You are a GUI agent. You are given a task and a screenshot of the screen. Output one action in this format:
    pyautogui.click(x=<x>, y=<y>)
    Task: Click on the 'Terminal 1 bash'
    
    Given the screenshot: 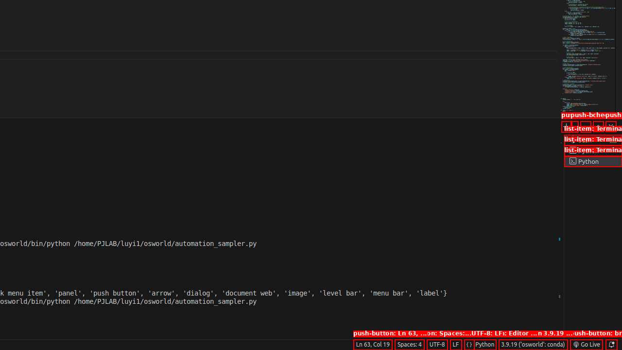 What is the action you would take?
    pyautogui.click(x=592, y=140)
    